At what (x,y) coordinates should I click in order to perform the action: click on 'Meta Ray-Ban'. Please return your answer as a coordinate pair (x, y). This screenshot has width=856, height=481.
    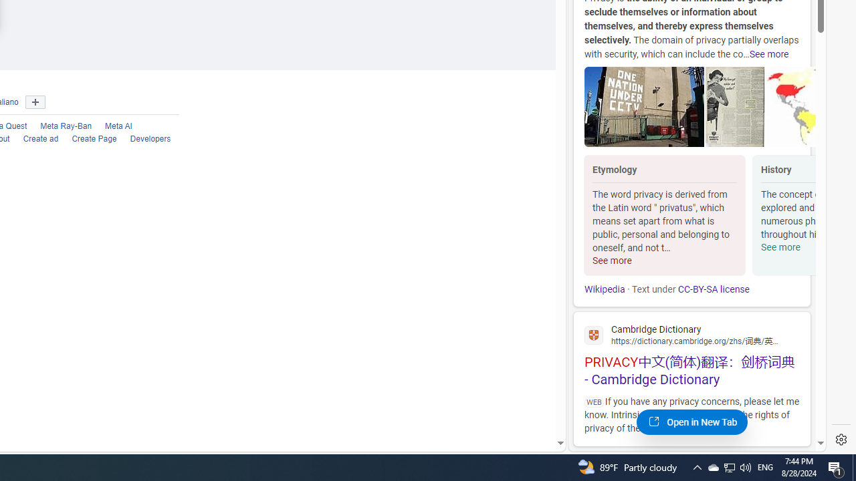
    Looking at the image, I should click on (58, 127).